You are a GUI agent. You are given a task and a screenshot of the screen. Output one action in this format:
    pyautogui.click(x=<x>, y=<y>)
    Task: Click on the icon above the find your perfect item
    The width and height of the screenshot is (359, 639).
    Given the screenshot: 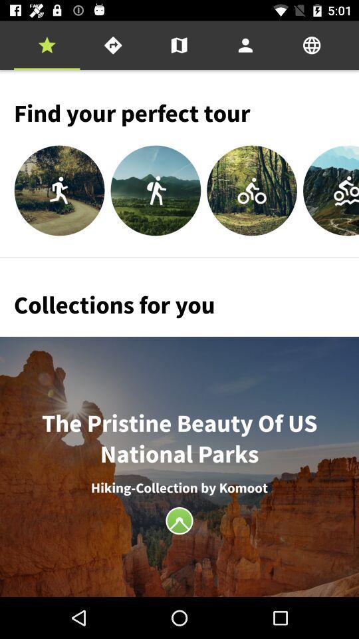 What is the action you would take?
    pyautogui.click(x=312, y=45)
    